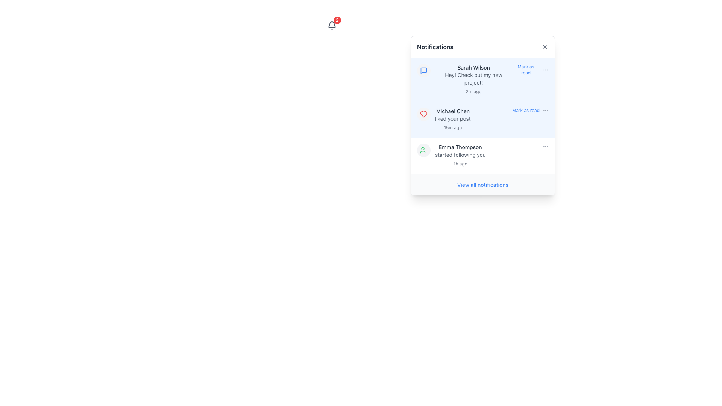 This screenshot has height=406, width=722. What do you see at coordinates (473, 68) in the screenshot?
I see `the text label displaying 'Sarah Wilson' located at the upper left corner of the notification card, which is part of a vertically structured list of notifications` at bounding box center [473, 68].